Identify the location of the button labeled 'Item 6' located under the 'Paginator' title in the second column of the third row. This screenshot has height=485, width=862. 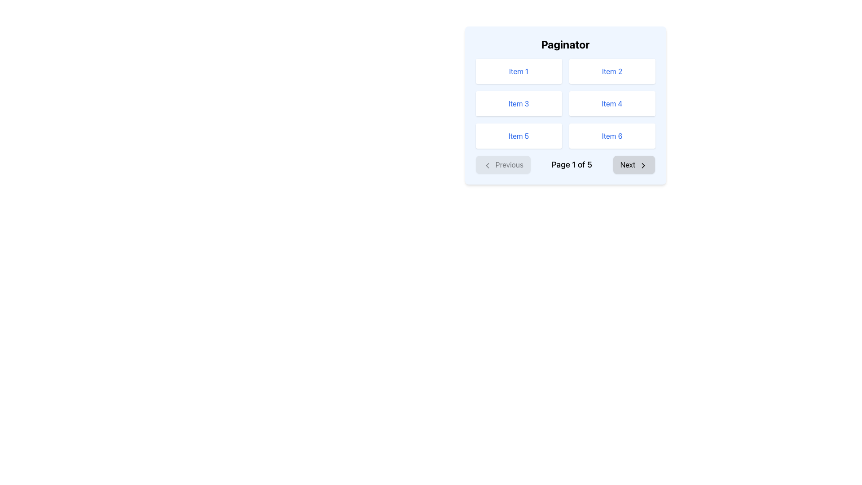
(611, 136).